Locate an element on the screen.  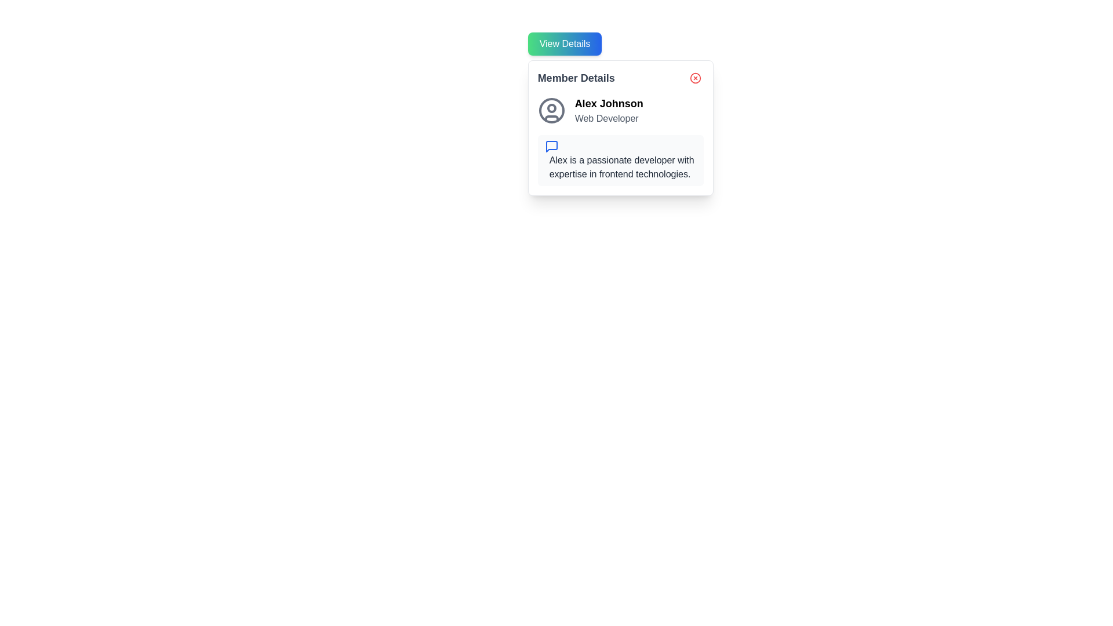
the static text label displaying the person's name located at the upper part of the card, above the 'Web Developer' text and to the right of the user icon is located at coordinates (608, 103).